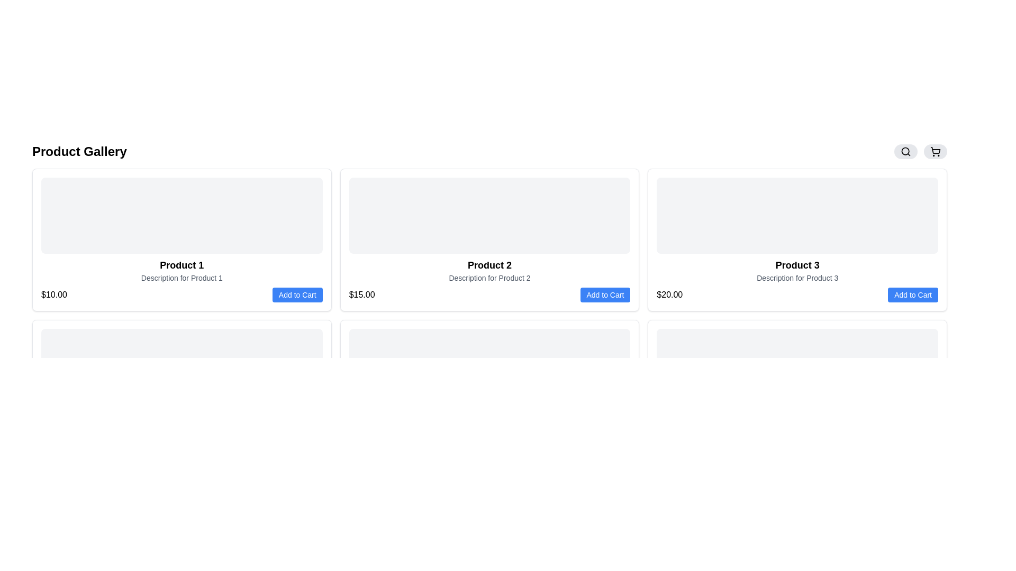 The image size is (1016, 571). I want to click on the magnifying glass icon within the circular button located in the top-right corner of the application interface, so click(905, 151).